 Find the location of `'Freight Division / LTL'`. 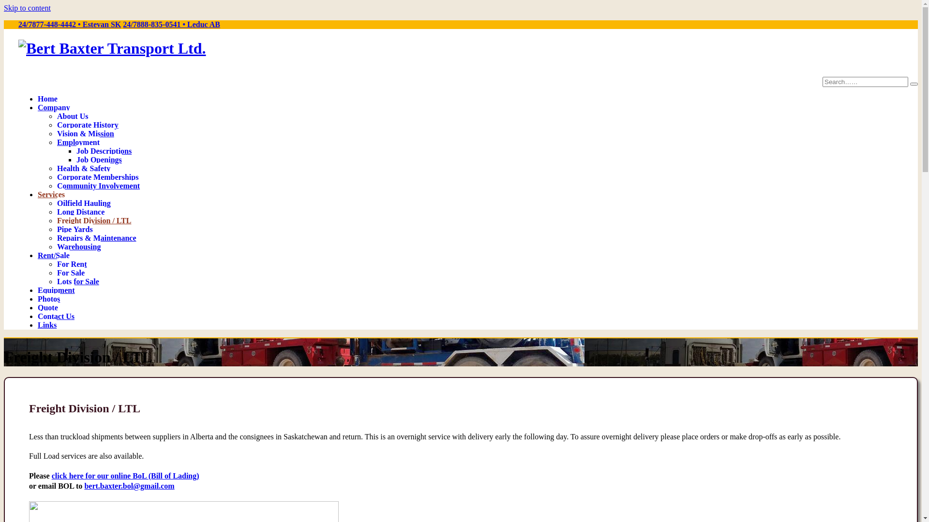

'Freight Division / LTL' is located at coordinates (57, 220).